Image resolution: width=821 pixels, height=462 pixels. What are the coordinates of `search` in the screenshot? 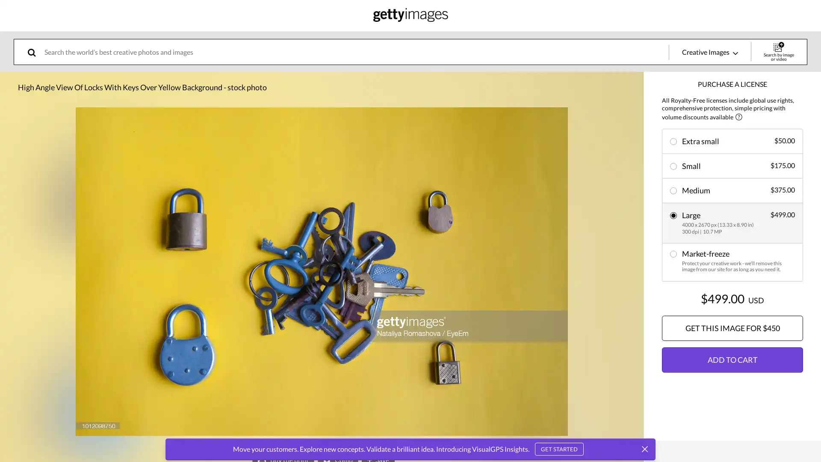 It's located at (38, 52).